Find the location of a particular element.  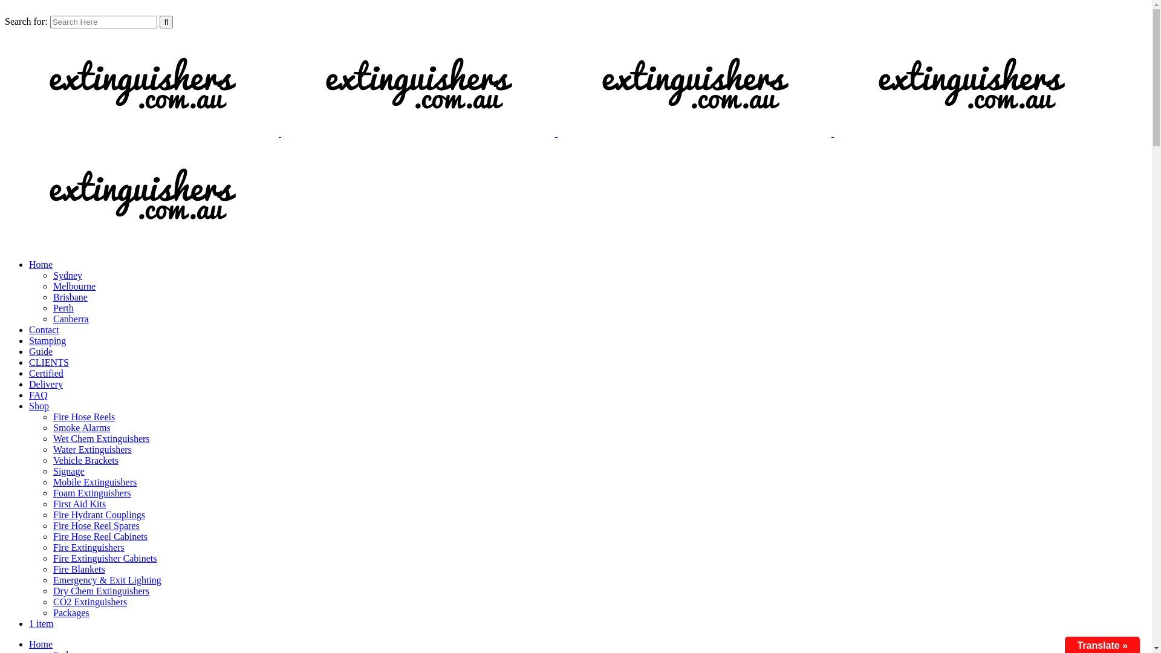

'Fire Hose Reels' is located at coordinates (52, 416).